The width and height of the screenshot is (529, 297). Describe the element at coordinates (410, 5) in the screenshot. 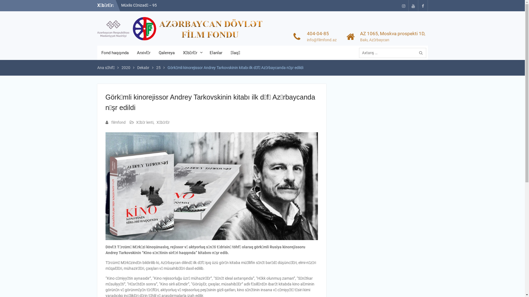

I see `'Youtube'` at that location.